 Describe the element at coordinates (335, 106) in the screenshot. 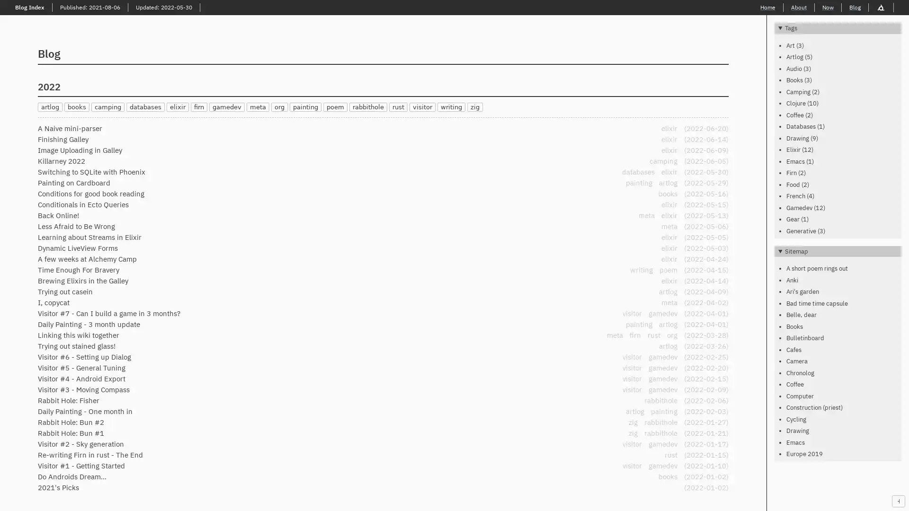

I see `poem` at that location.